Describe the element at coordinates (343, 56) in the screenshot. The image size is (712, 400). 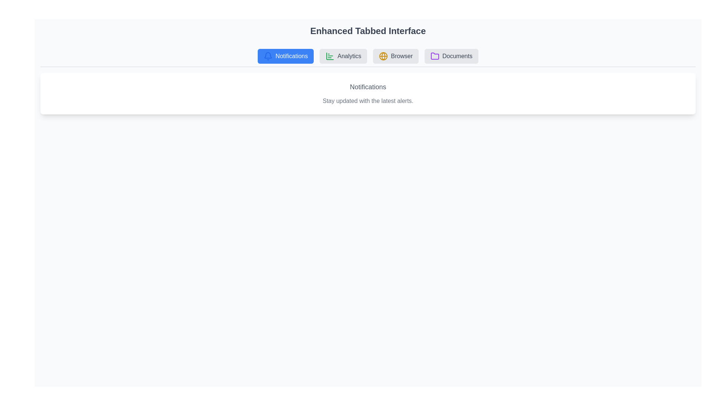
I see `the tab labeled Analytics to observe its hover effect` at that location.